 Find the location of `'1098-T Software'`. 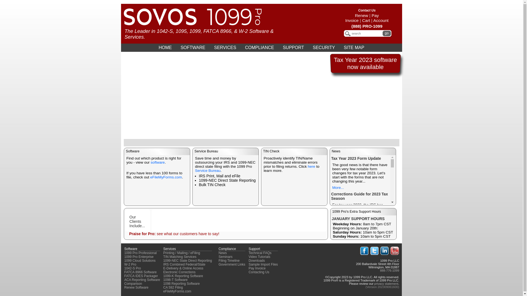

'1098-T Software' is located at coordinates (163, 280).